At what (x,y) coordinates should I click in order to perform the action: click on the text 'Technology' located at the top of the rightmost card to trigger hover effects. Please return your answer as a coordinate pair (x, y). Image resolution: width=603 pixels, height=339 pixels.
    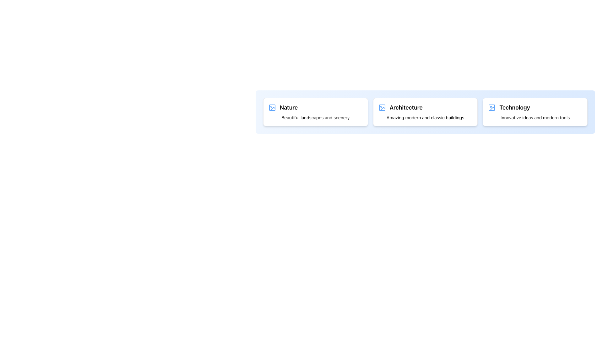
    Looking at the image, I should click on (514, 107).